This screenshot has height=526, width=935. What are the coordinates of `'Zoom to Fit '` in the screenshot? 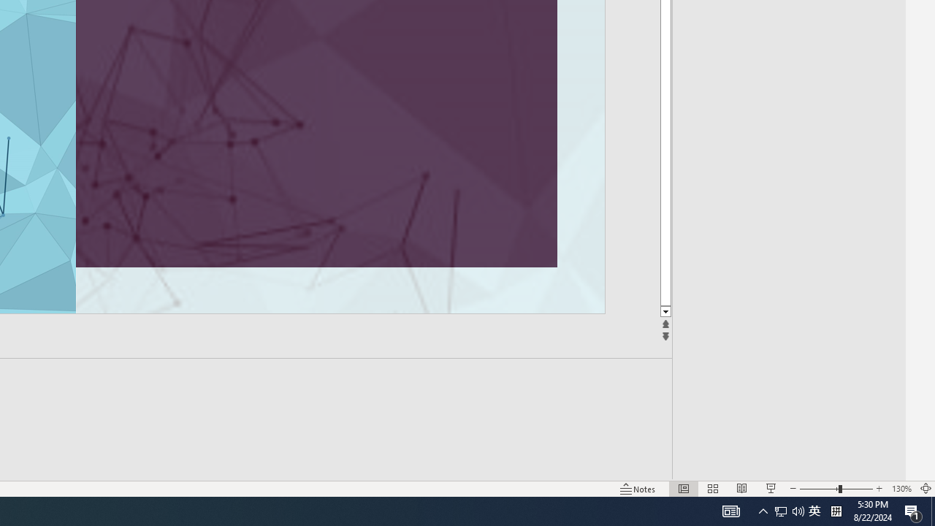 It's located at (925, 489).